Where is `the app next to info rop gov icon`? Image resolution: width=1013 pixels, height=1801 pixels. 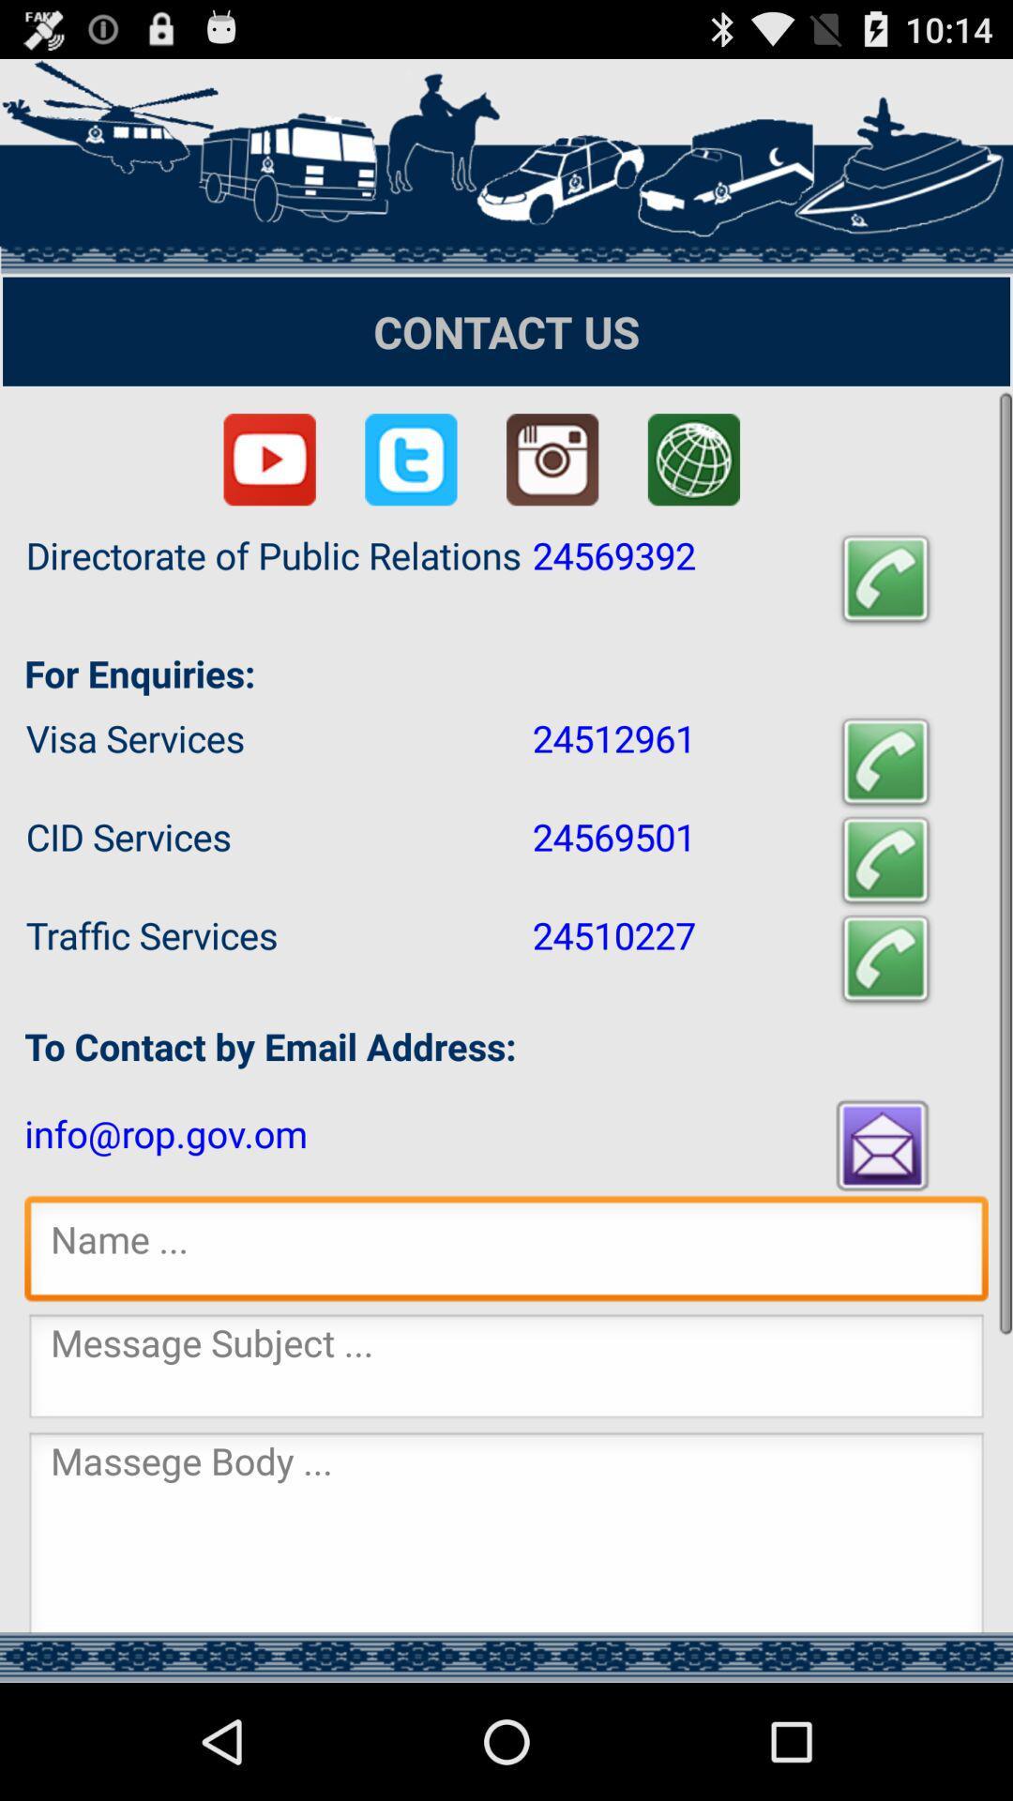 the app next to info rop gov icon is located at coordinates (884, 1143).